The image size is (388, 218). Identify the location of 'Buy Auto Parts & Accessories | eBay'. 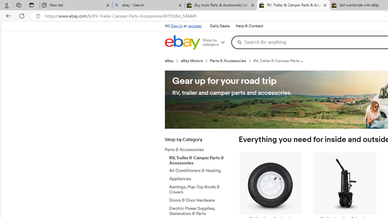
(221, 5).